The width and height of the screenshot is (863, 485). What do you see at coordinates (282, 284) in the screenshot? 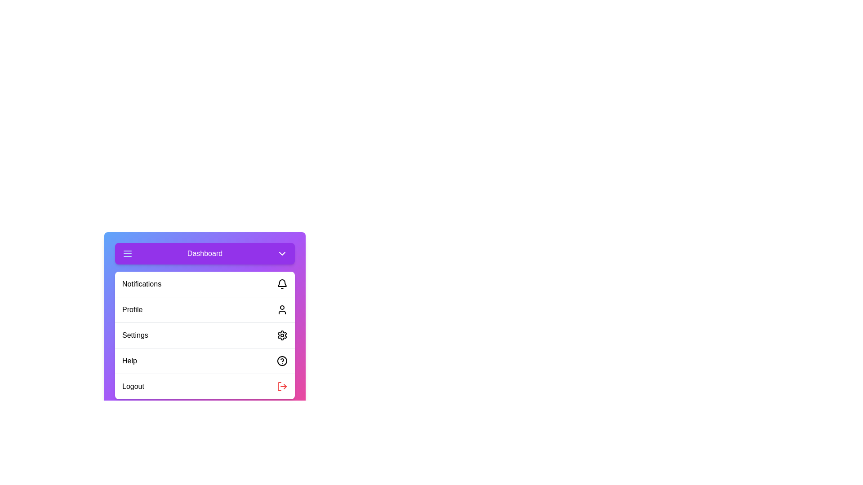
I see `the icon next to the menu item Notifications` at bounding box center [282, 284].